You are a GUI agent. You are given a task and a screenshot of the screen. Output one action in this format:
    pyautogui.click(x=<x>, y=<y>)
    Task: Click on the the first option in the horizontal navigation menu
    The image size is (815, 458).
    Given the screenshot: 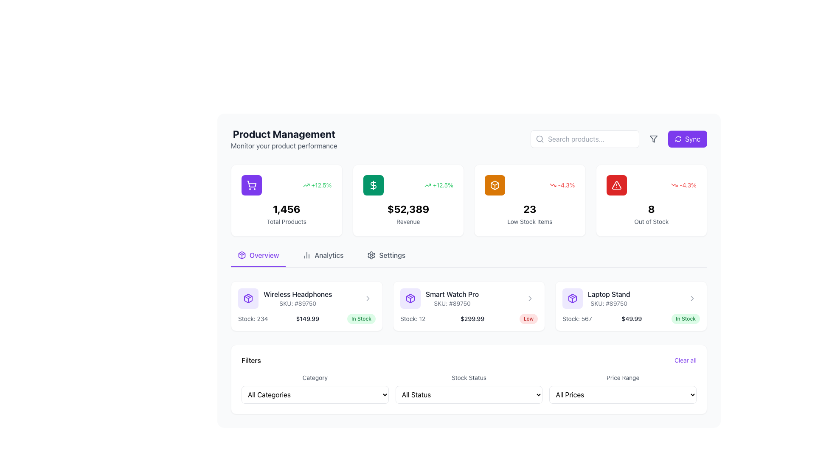 What is the action you would take?
    pyautogui.click(x=258, y=258)
    